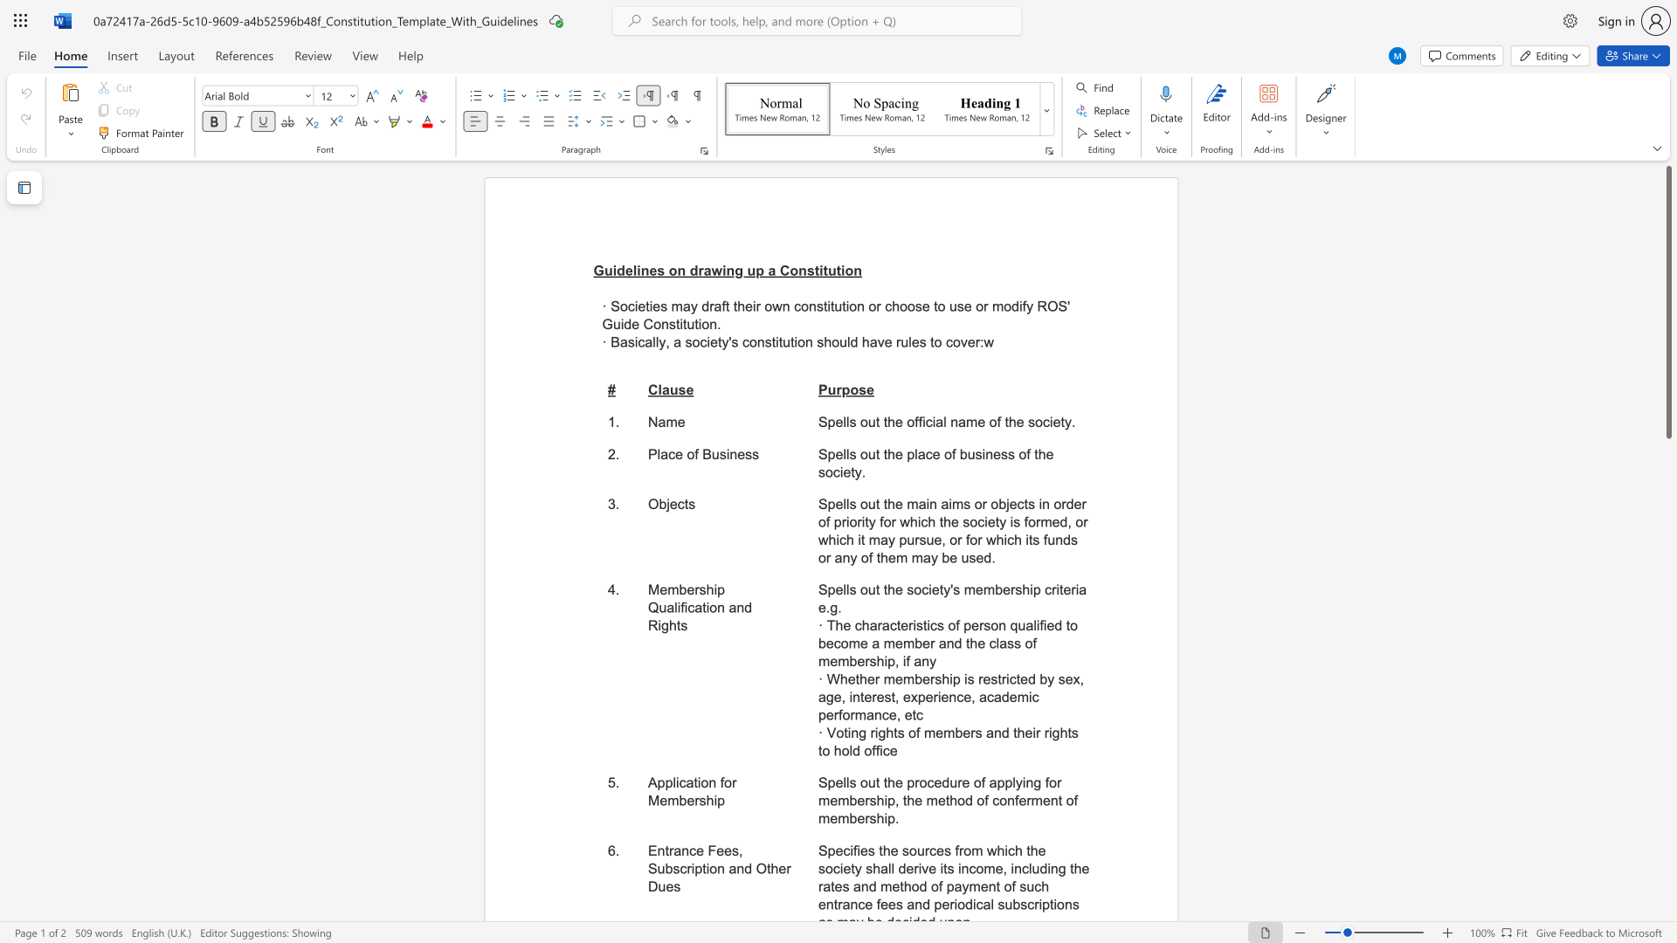 This screenshot has width=1677, height=943. Describe the element at coordinates (1667, 506) in the screenshot. I see `the side scrollbar to bring the page down` at that location.